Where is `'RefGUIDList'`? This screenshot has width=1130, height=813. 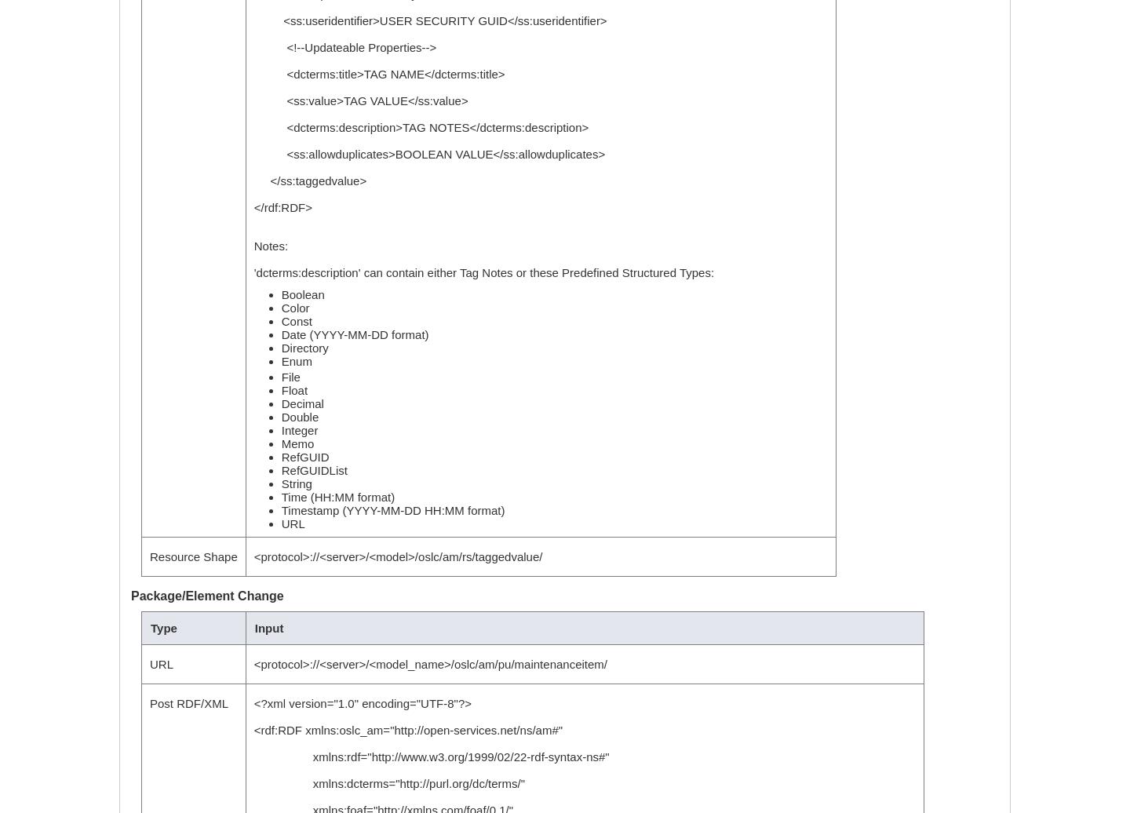
'RefGUIDList' is located at coordinates (313, 470).